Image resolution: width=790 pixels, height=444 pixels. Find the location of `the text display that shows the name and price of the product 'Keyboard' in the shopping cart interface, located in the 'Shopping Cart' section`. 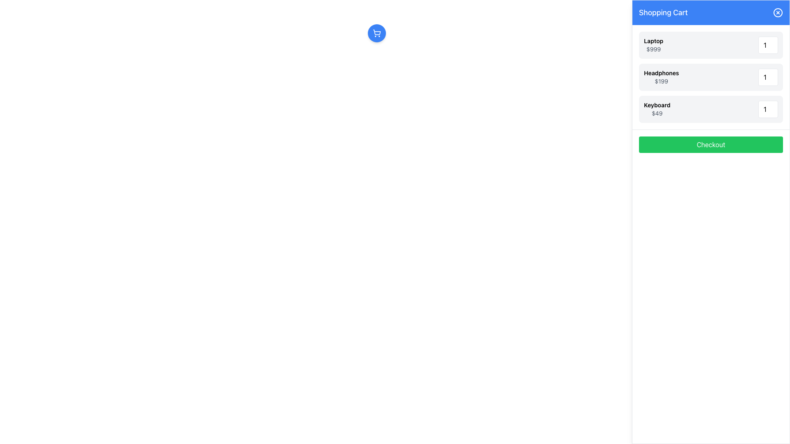

the text display that shows the name and price of the product 'Keyboard' in the shopping cart interface, located in the 'Shopping Cart' section is located at coordinates (657, 109).